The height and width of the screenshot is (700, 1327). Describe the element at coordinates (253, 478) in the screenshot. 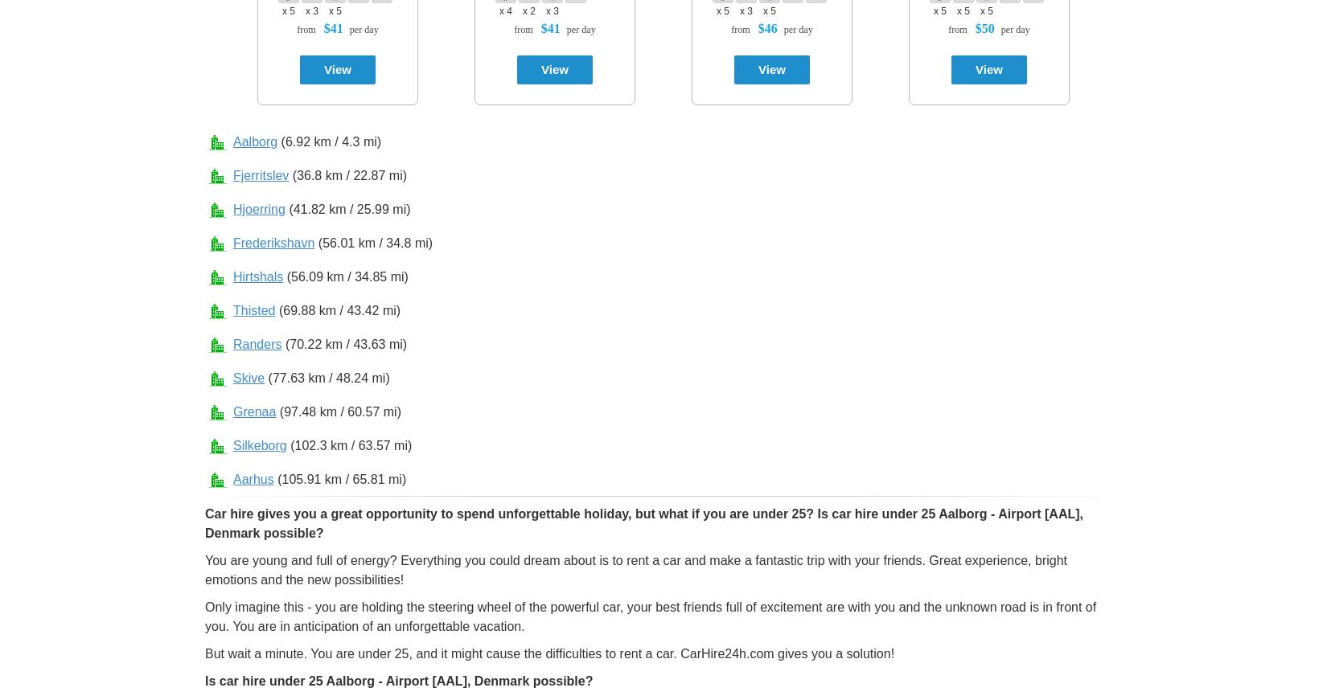

I see `'Aarhus'` at that location.